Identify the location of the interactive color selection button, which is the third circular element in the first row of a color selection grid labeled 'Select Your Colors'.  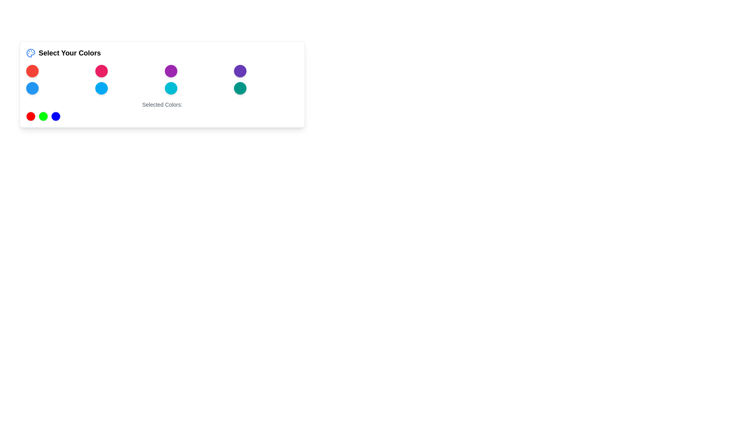
(170, 71).